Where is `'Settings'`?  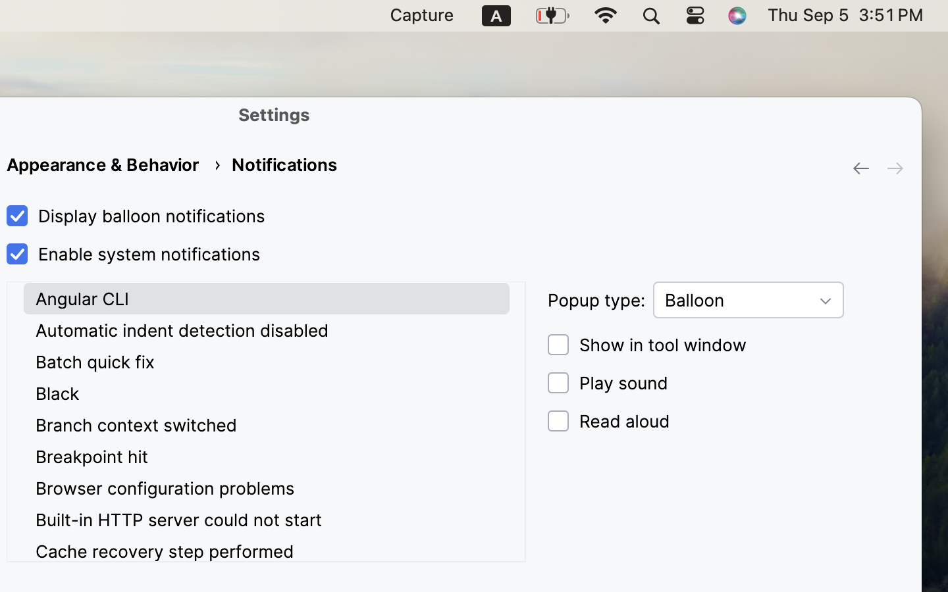 'Settings' is located at coordinates (274, 114).